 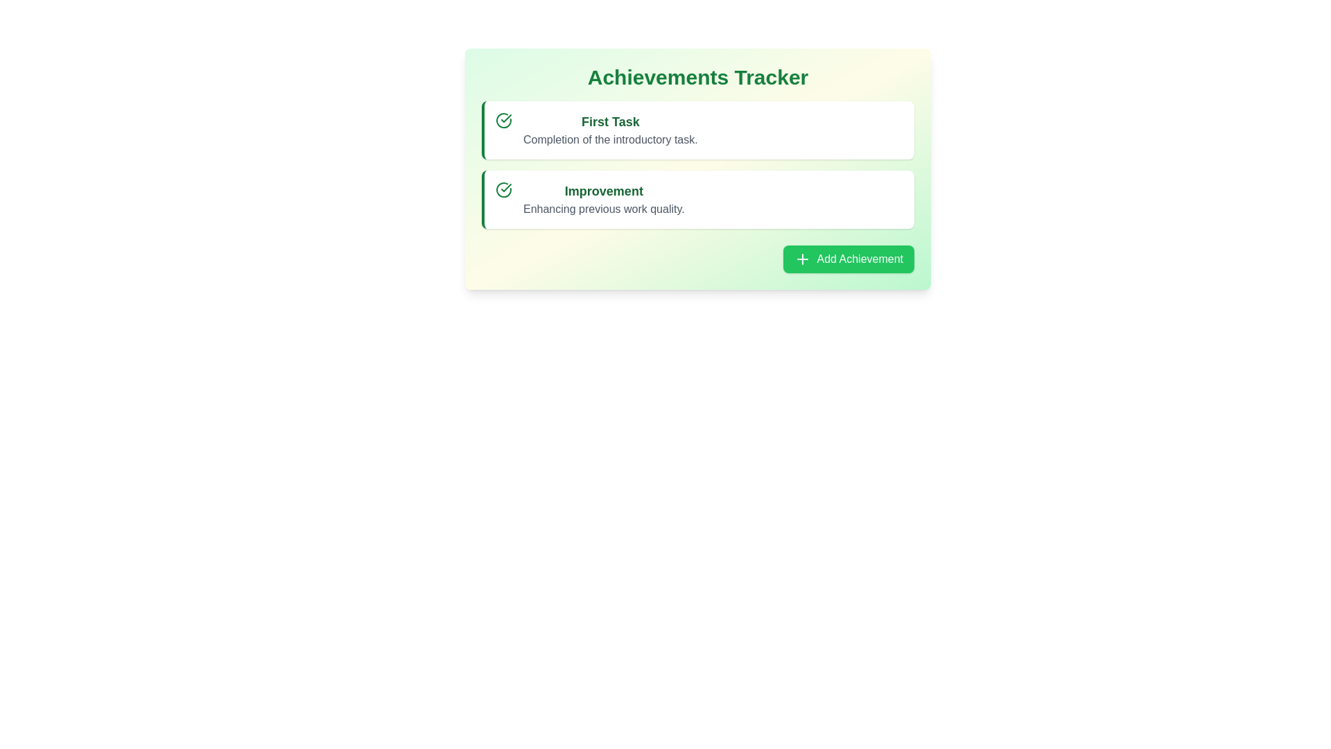 What do you see at coordinates (604, 200) in the screenshot?
I see `the text-based list item labeled 'Improvement' which is styled in bold green and contains the description 'Enhancing previous work quality' beneath it` at bounding box center [604, 200].